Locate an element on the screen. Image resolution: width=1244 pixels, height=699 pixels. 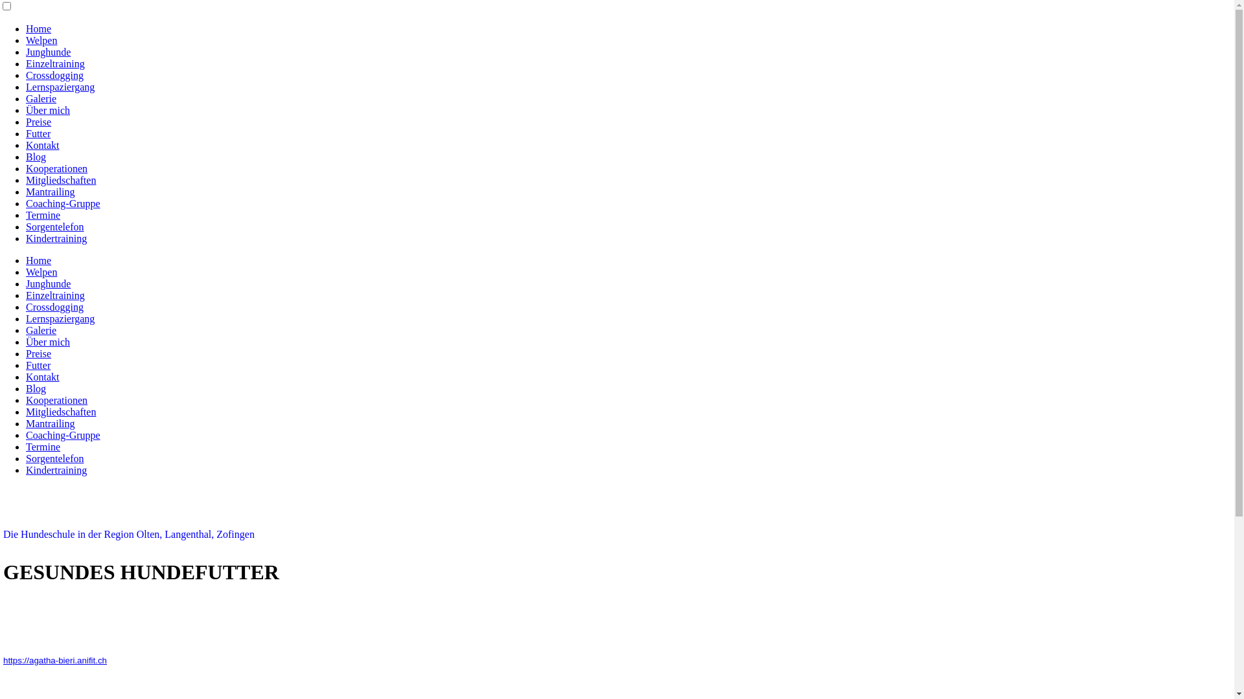
'Kontakt' is located at coordinates (43, 145).